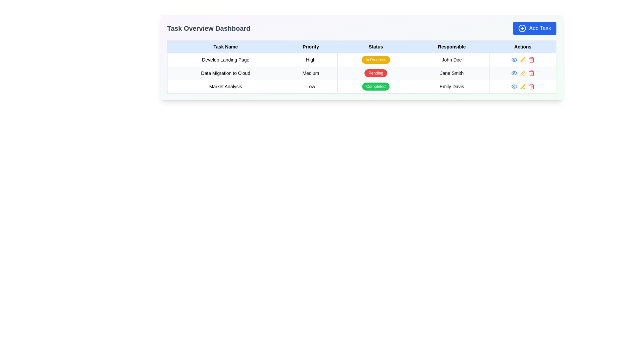 This screenshot has height=361, width=642. I want to click on the 'Market Analysis' text label in the first cell of the third row of the table, so click(225, 86).